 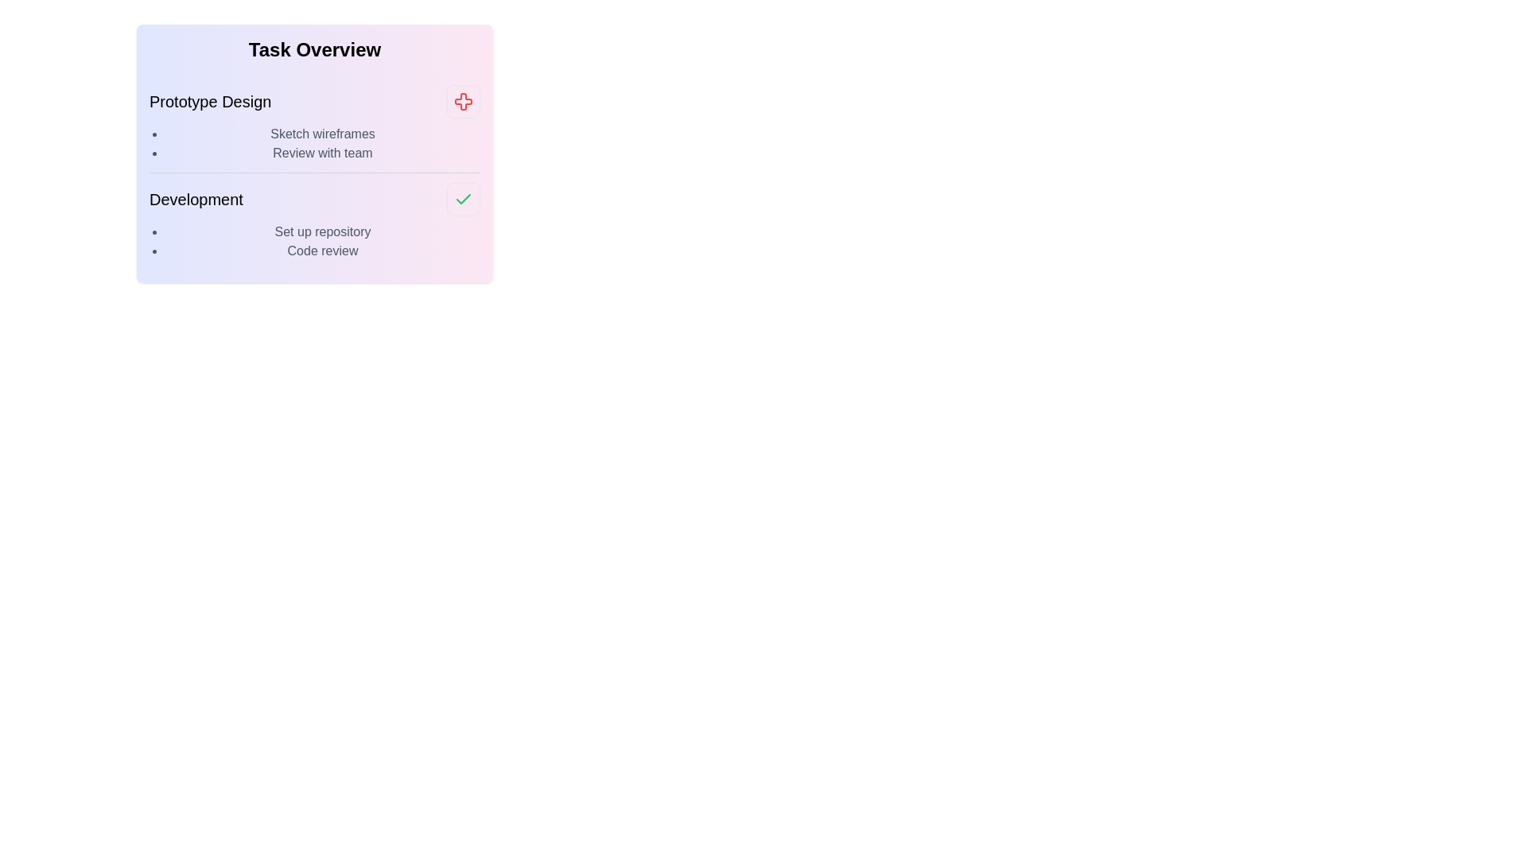 What do you see at coordinates (462, 101) in the screenshot?
I see `the task completion status icon for Prototype Design` at bounding box center [462, 101].